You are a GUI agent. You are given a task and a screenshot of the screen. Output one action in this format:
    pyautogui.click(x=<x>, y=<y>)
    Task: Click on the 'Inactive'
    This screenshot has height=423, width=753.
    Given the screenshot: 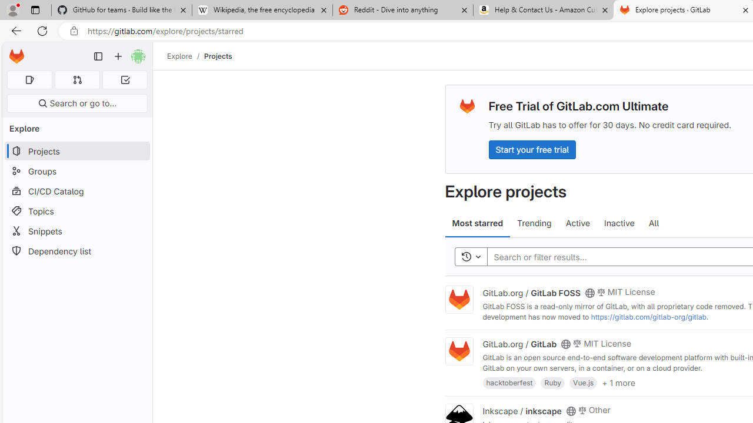 What is the action you would take?
    pyautogui.click(x=618, y=223)
    